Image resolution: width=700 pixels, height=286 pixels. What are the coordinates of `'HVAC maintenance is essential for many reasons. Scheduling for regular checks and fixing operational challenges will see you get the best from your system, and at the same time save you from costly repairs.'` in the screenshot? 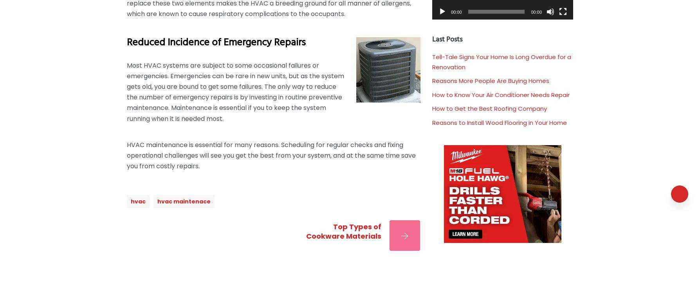 It's located at (271, 155).